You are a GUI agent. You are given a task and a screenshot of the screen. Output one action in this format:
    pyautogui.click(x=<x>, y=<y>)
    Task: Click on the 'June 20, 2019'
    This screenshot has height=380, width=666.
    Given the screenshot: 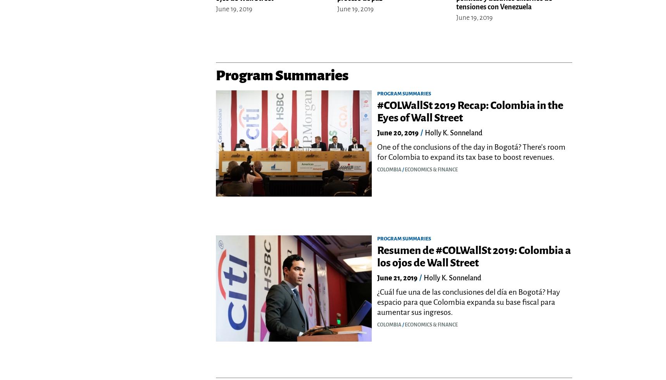 What is the action you would take?
    pyautogui.click(x=398, y=133)
    